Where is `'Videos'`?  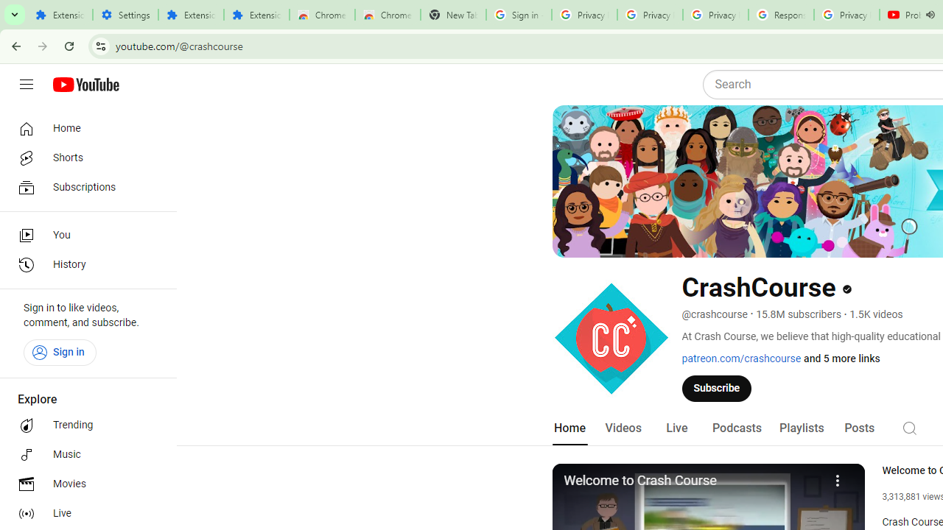 'Videos' is located at coordinates (623, 428).